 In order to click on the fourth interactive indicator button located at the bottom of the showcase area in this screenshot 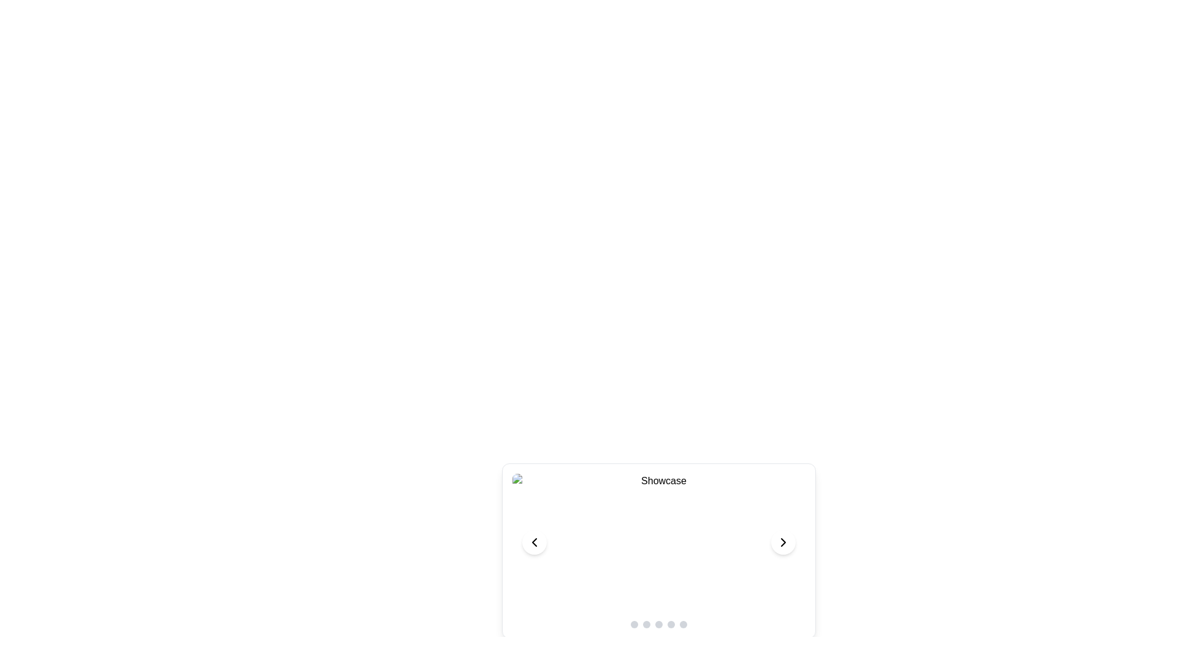, I will do `click(670, 624)`.